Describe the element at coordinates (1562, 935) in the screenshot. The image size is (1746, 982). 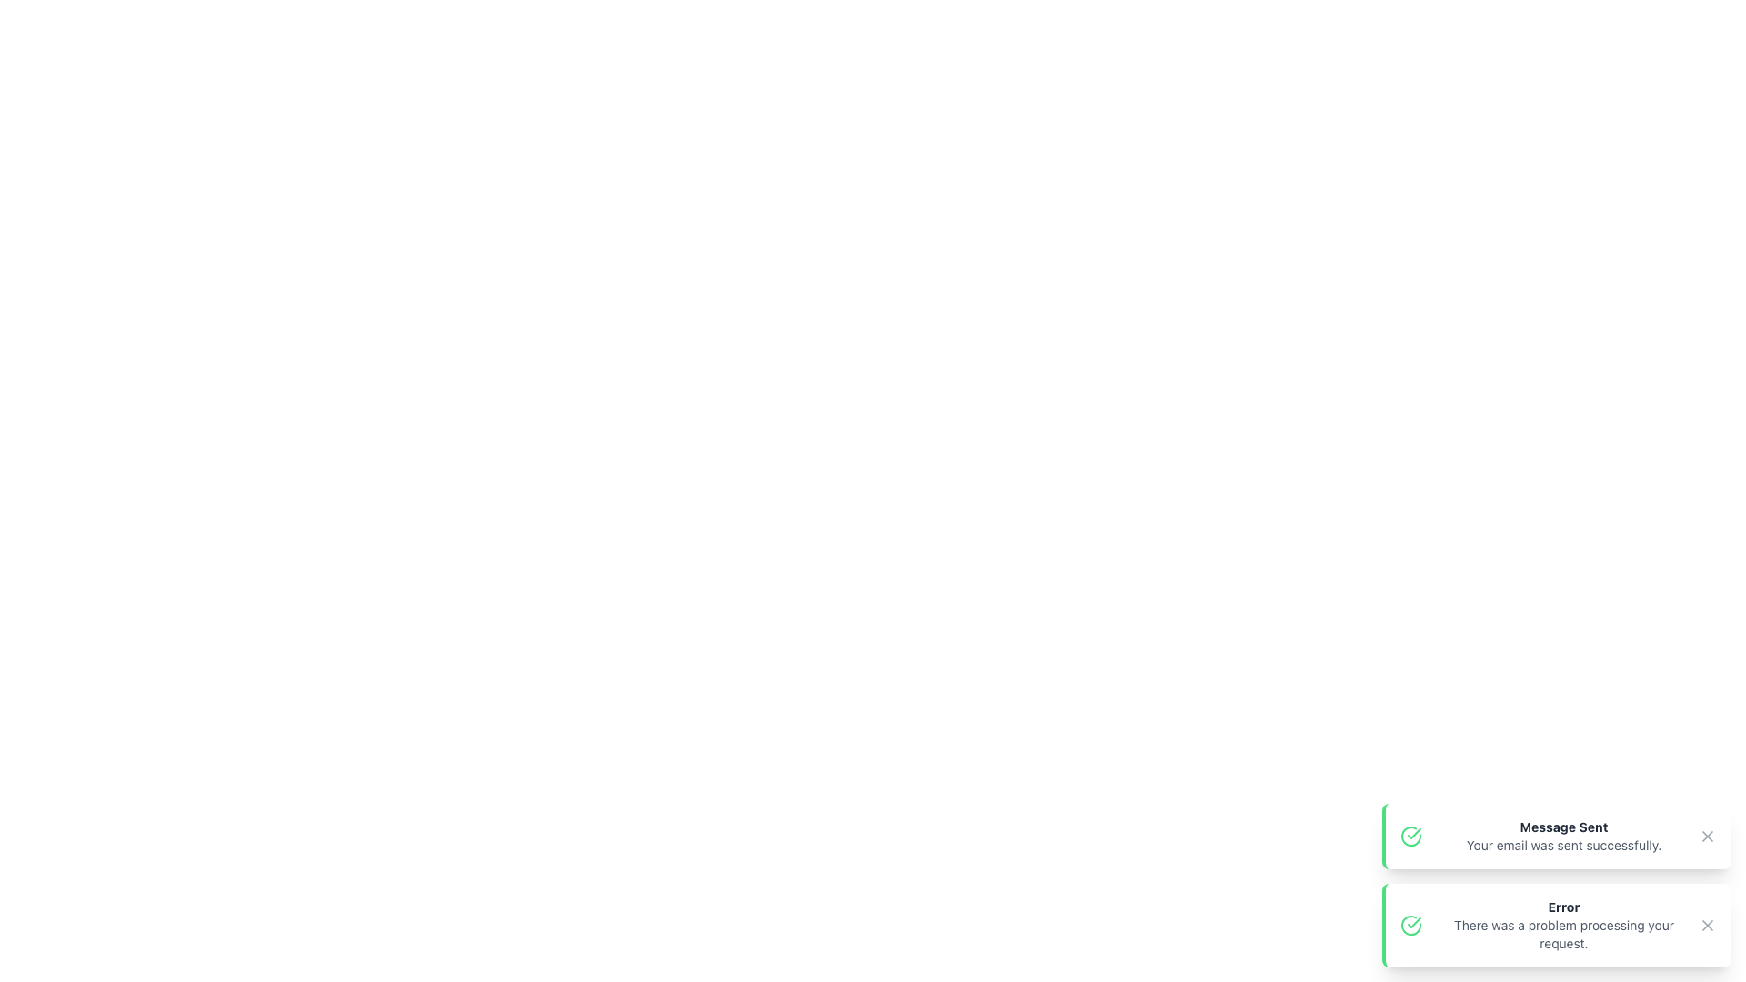
I see `the text label that reads 'There was a problem processing your request.' which is styled in gray and located below the 'Error' label in the notification block` at that location.